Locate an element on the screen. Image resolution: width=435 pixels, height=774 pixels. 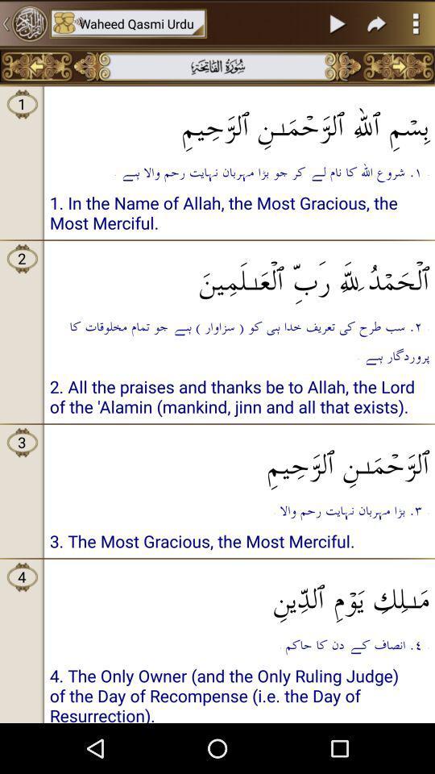
icon to the left of waheed qasmi urdu item is located at coordinates (23, 23).